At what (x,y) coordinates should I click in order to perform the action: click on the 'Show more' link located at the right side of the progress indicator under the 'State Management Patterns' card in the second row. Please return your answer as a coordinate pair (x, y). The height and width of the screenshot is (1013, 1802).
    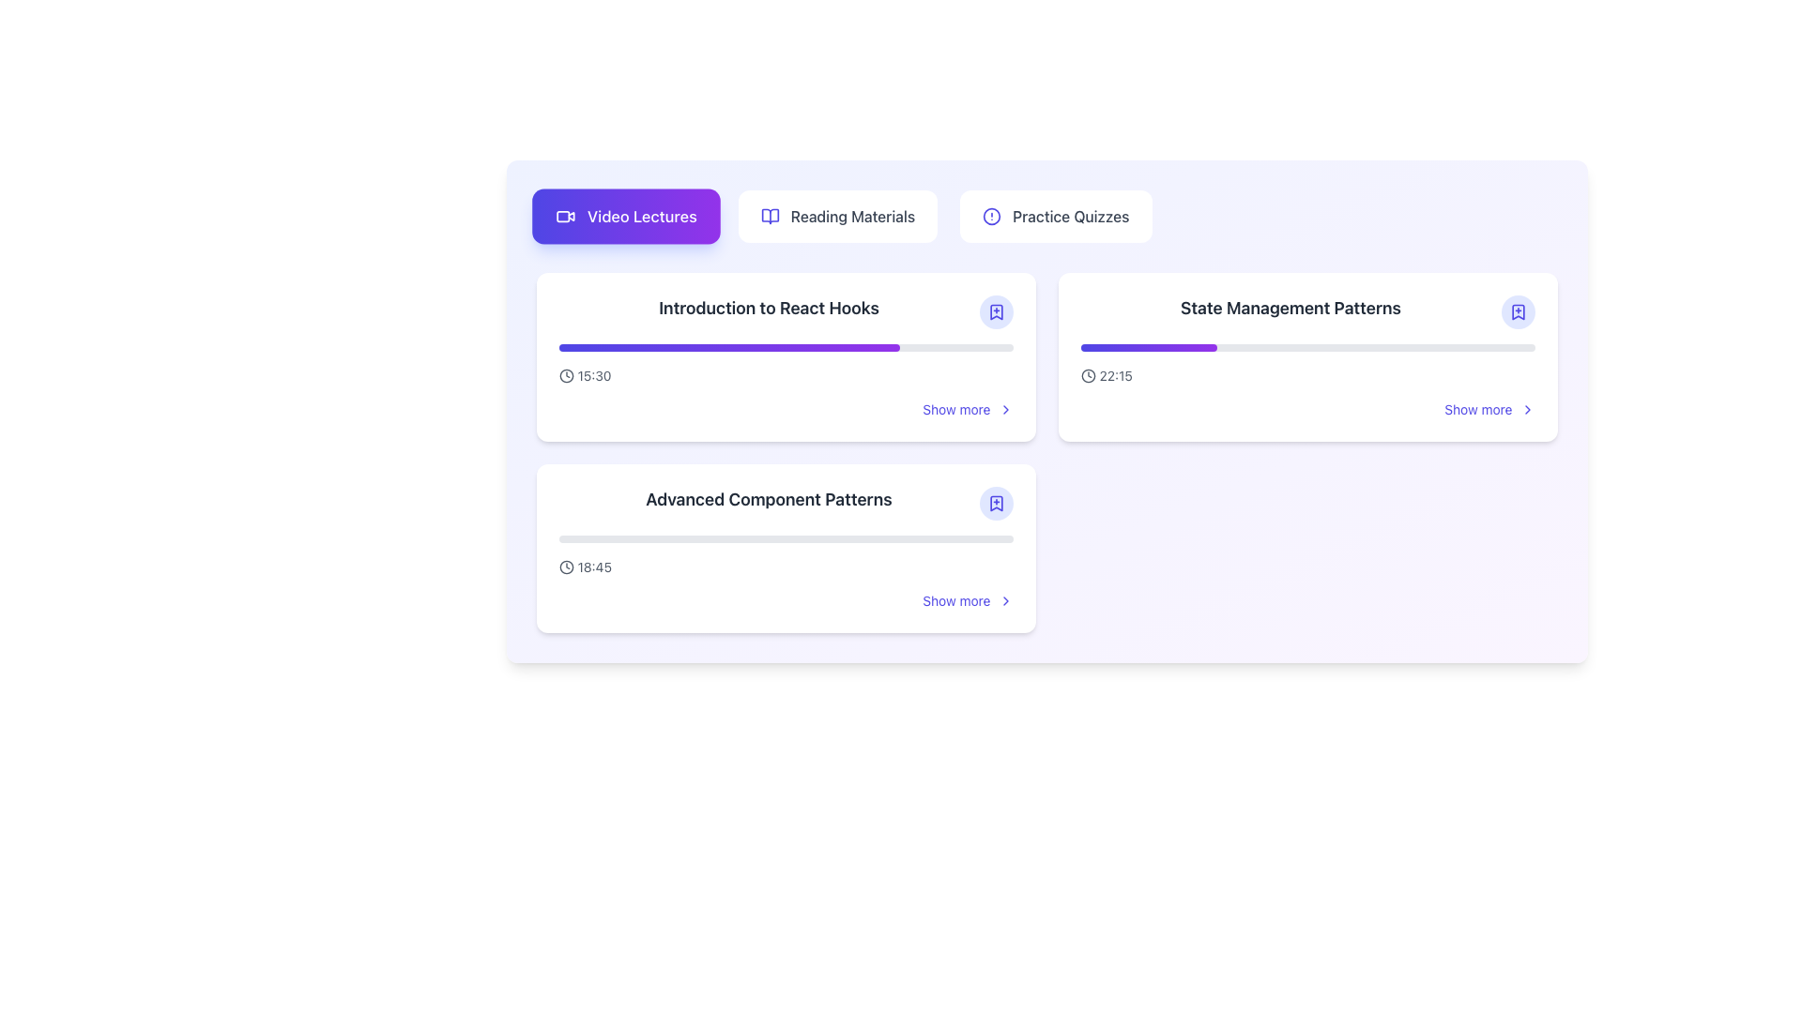
    Looking at the image, I should click on (1306, 381).